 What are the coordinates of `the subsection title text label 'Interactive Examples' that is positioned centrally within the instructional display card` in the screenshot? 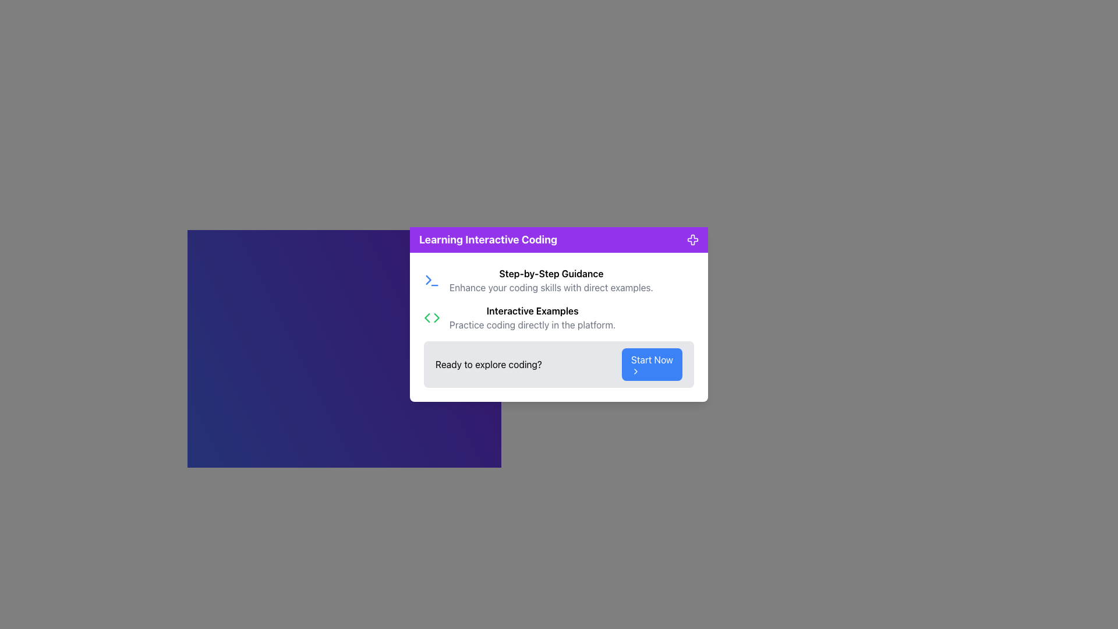 It's located at (532, 310).